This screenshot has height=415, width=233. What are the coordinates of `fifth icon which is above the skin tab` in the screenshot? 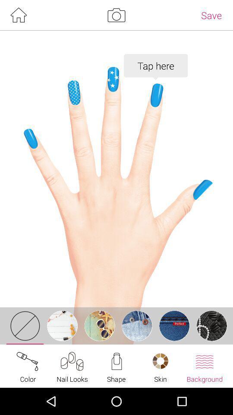 It's located at (174, 325).